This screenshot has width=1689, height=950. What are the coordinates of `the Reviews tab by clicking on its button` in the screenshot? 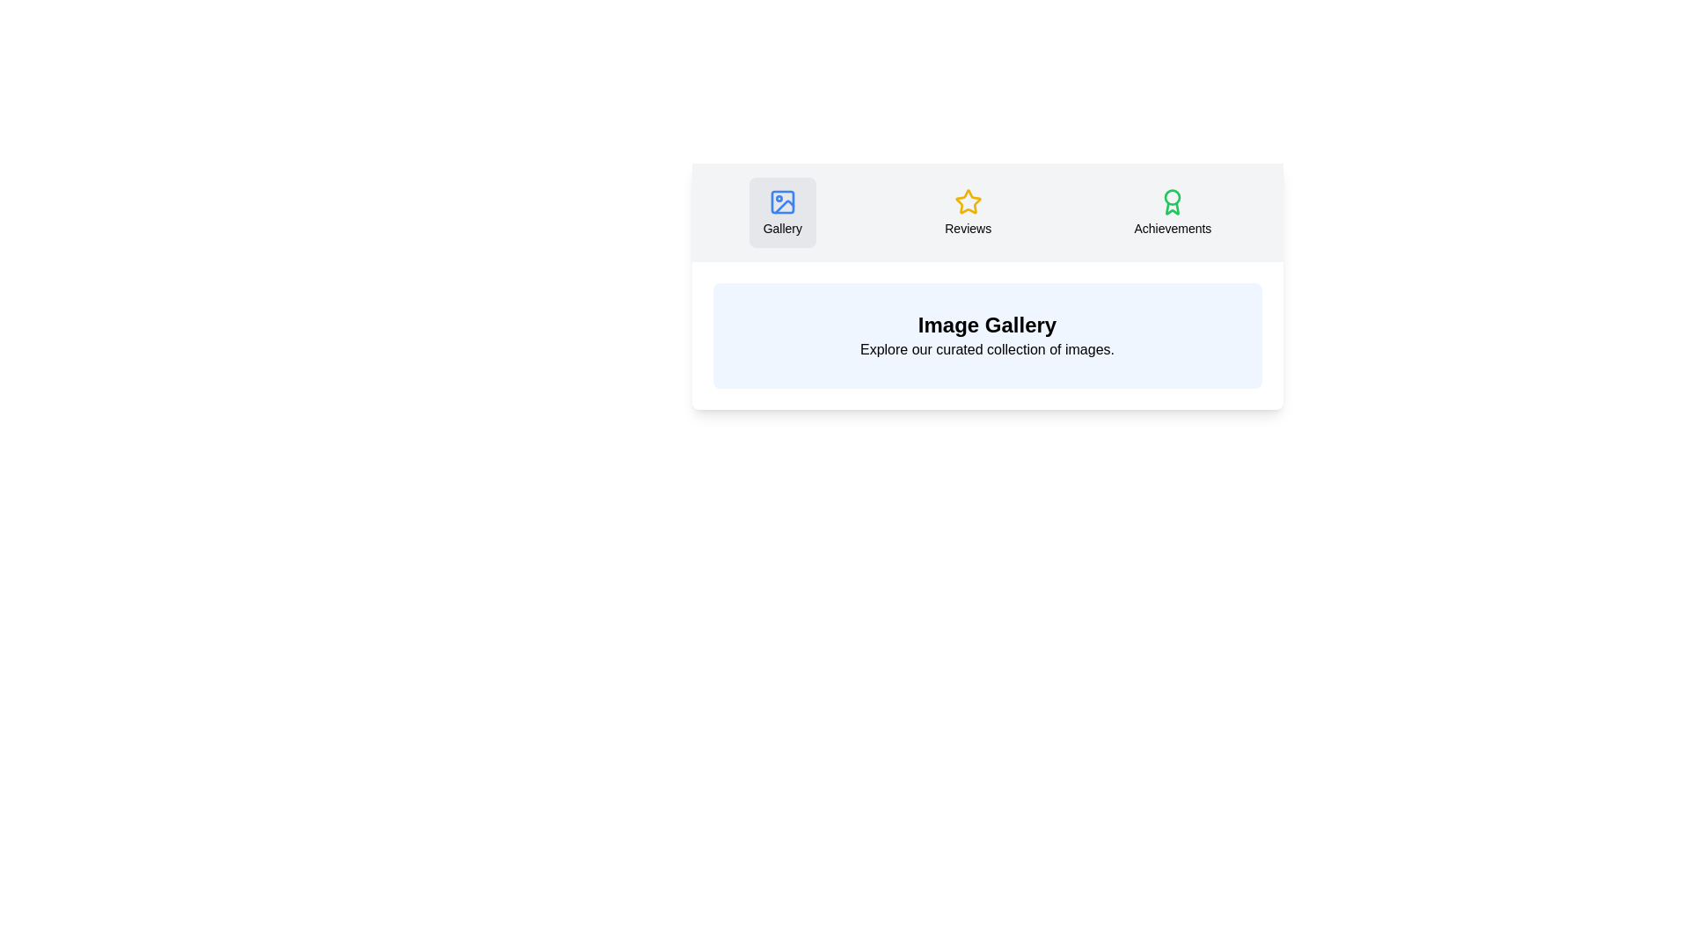 It's located at (967, 212).